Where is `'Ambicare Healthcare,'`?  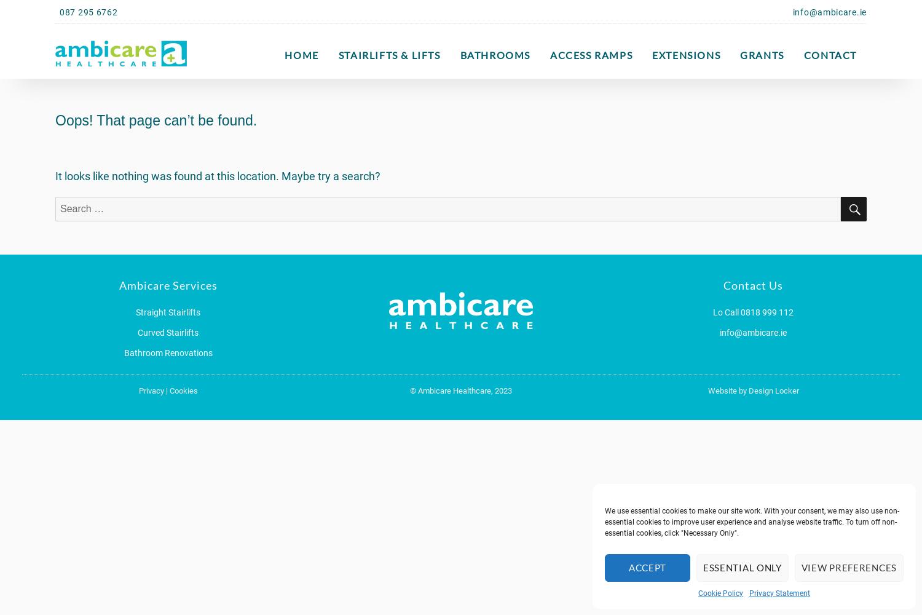
'Ambicare Healthcare,' is located at coordinates (454, 391).